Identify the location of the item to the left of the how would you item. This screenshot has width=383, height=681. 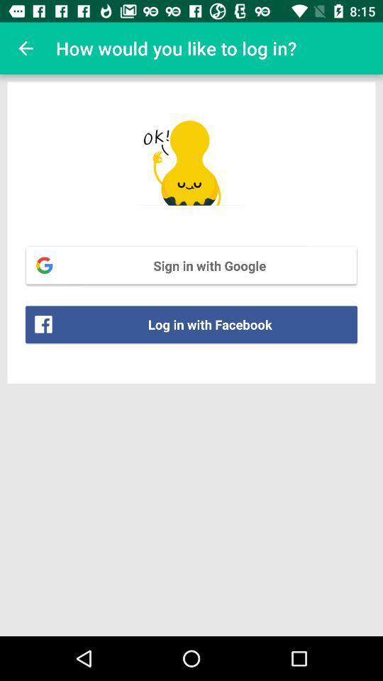
(26, 48).